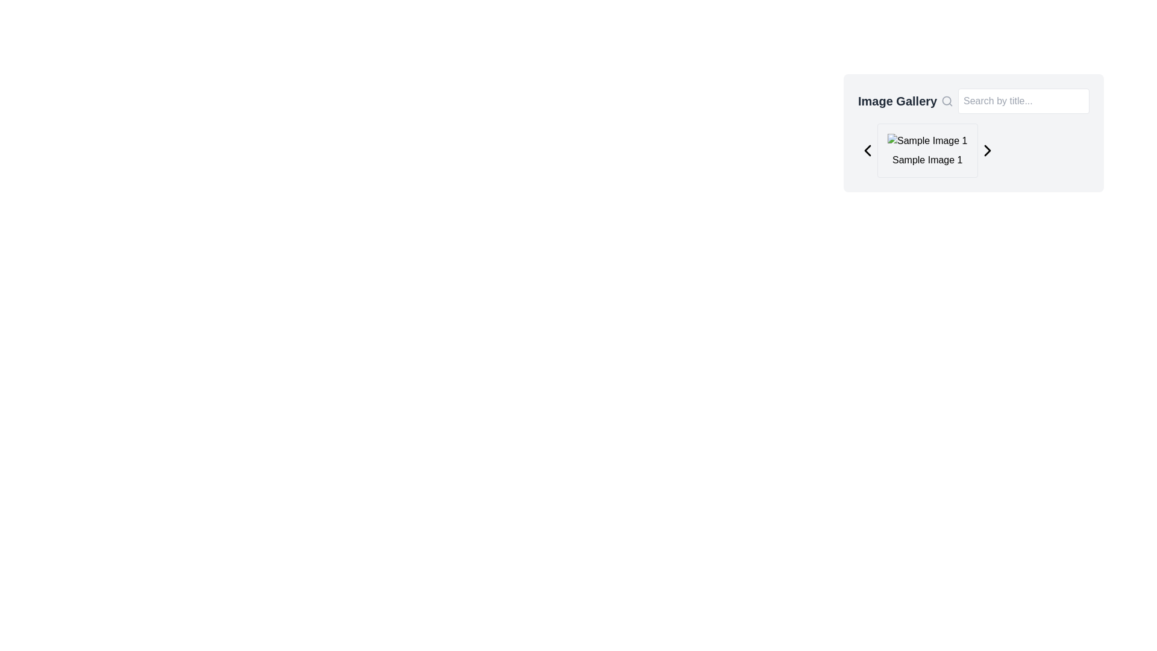 The width and height of the screenshot is (1157, 651). I want to click on the left chevron icon used for navigating backwards in the 'Image Gallery' section, so click(868, 150).